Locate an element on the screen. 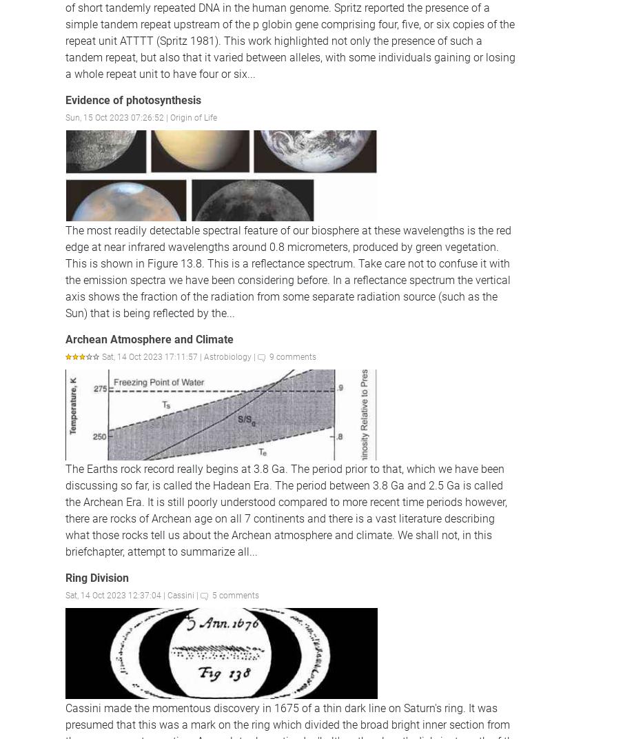  'Archean Atmosphere and Climate' is located at coordinates (65, 338).